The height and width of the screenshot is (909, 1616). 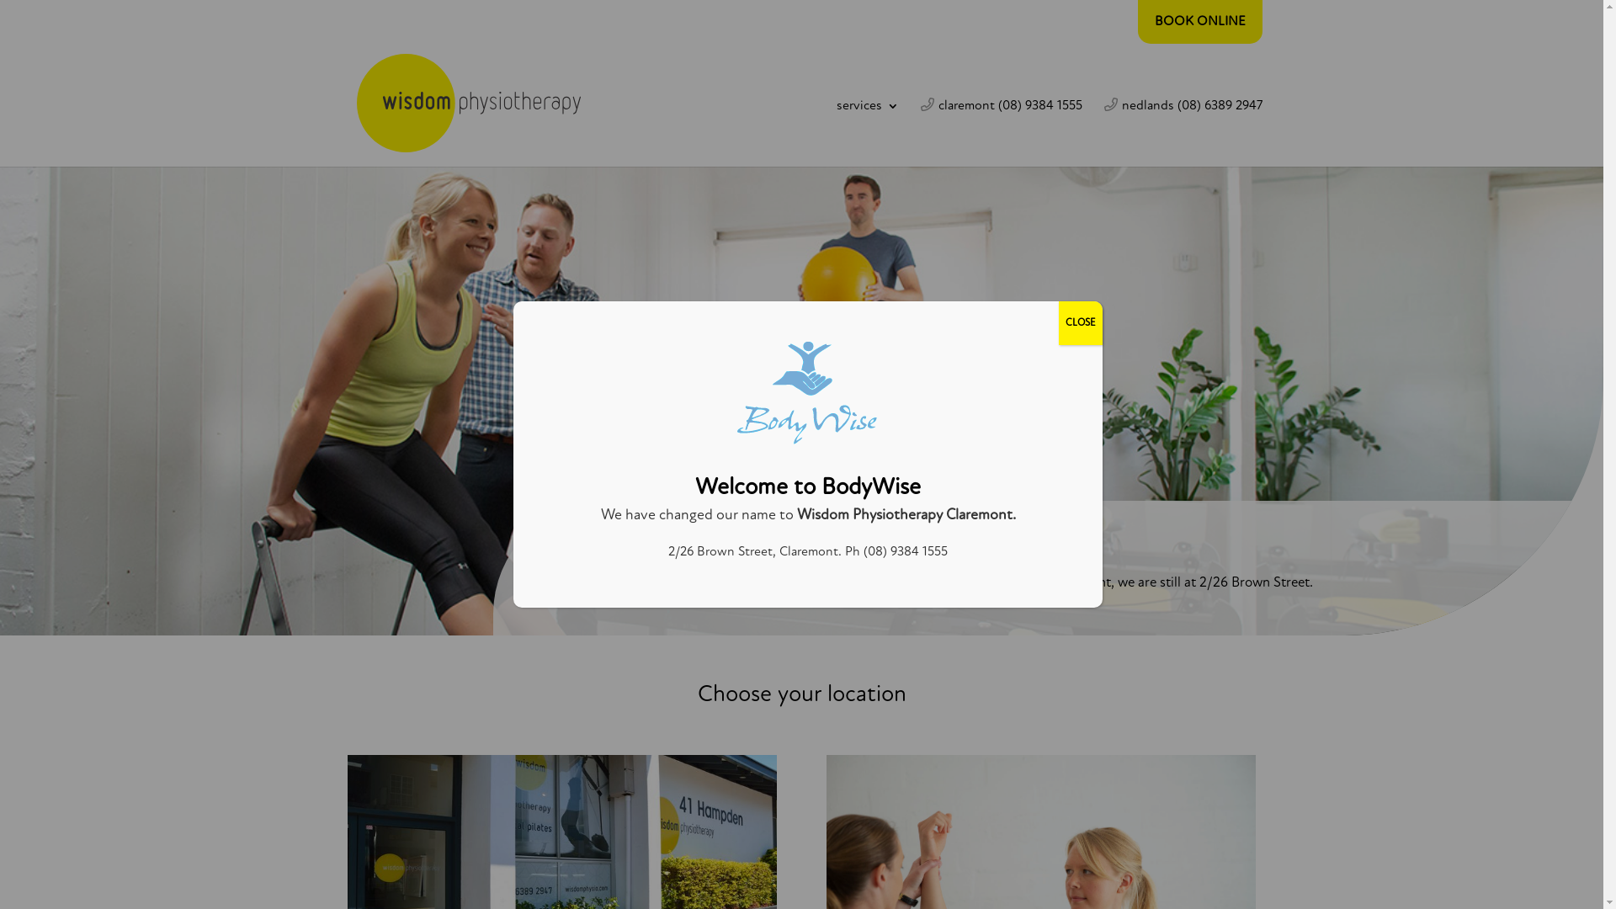 I want to click on 'nedlands (08) 6389 2947', so click(x=1183, y=131).